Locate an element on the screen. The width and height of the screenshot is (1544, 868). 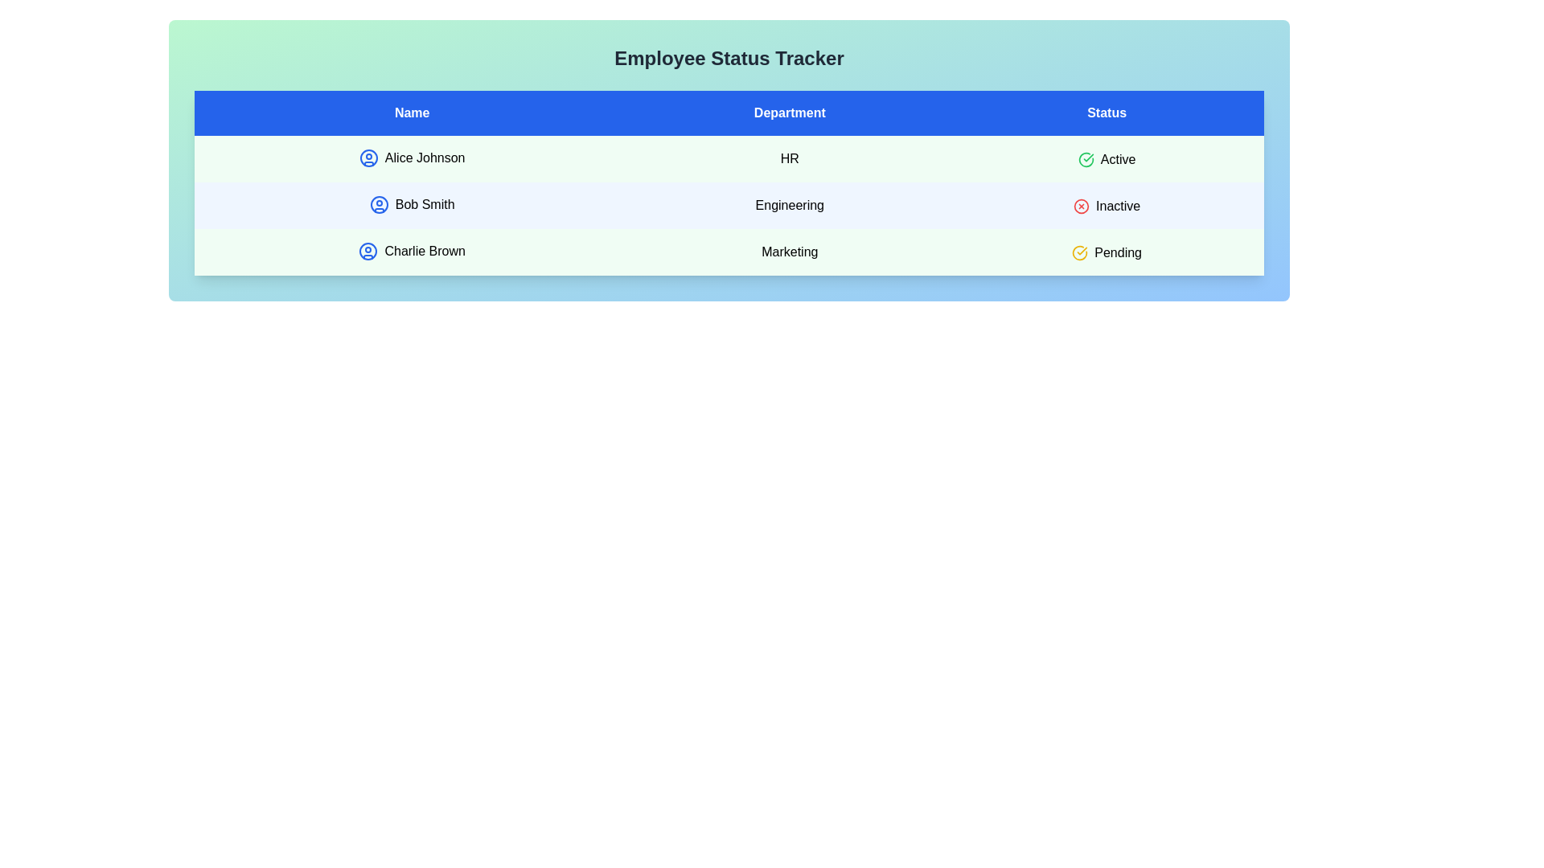
the row corresponding to Alice Johnson is located at coordinates (729, 158).